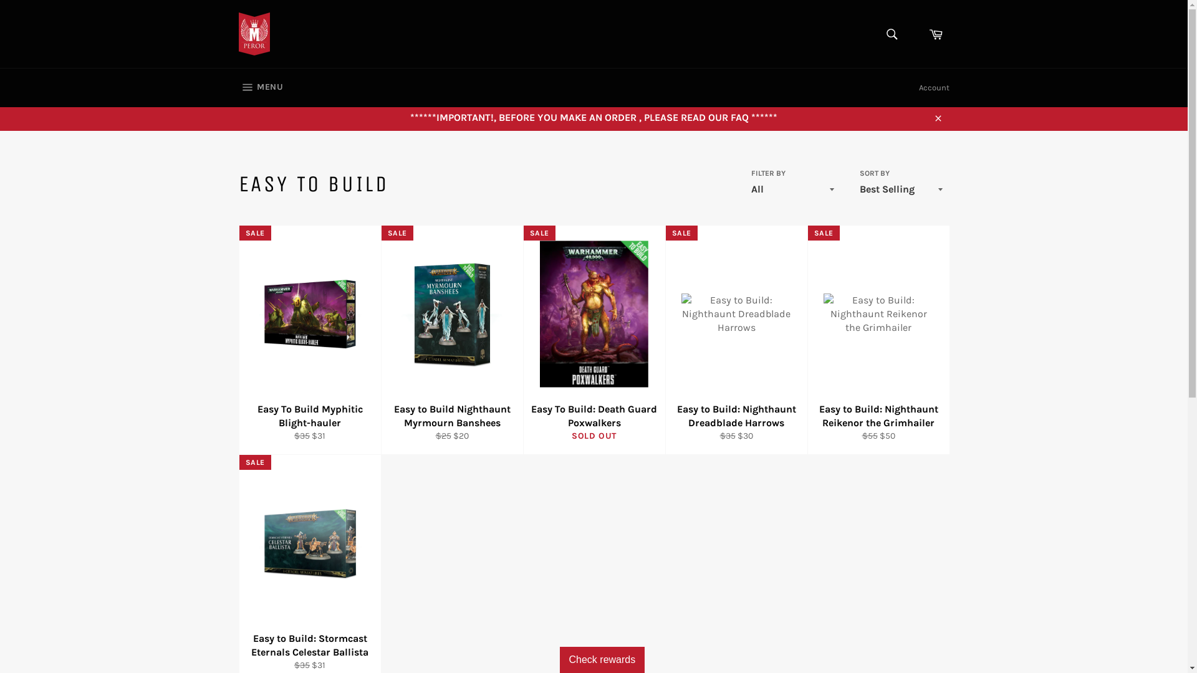 The height and width of the screenshot is (673, 1197). I want to click on 'MENU, so click(225, 87).